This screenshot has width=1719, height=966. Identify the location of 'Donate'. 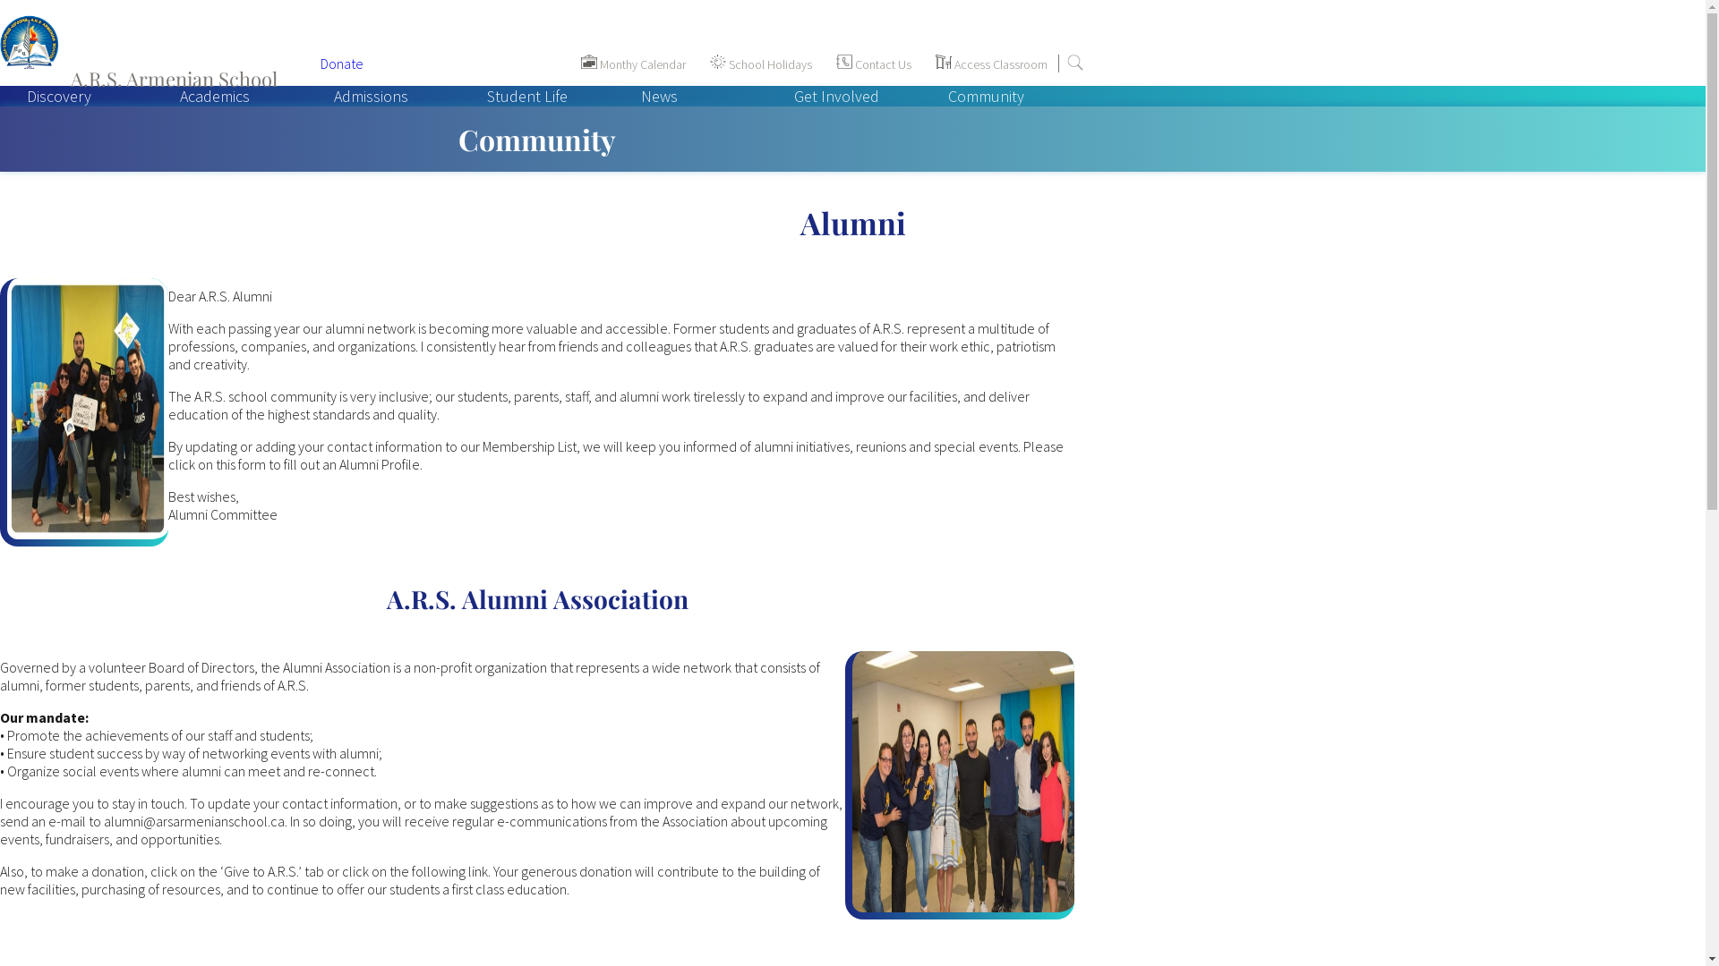
(321, 62).